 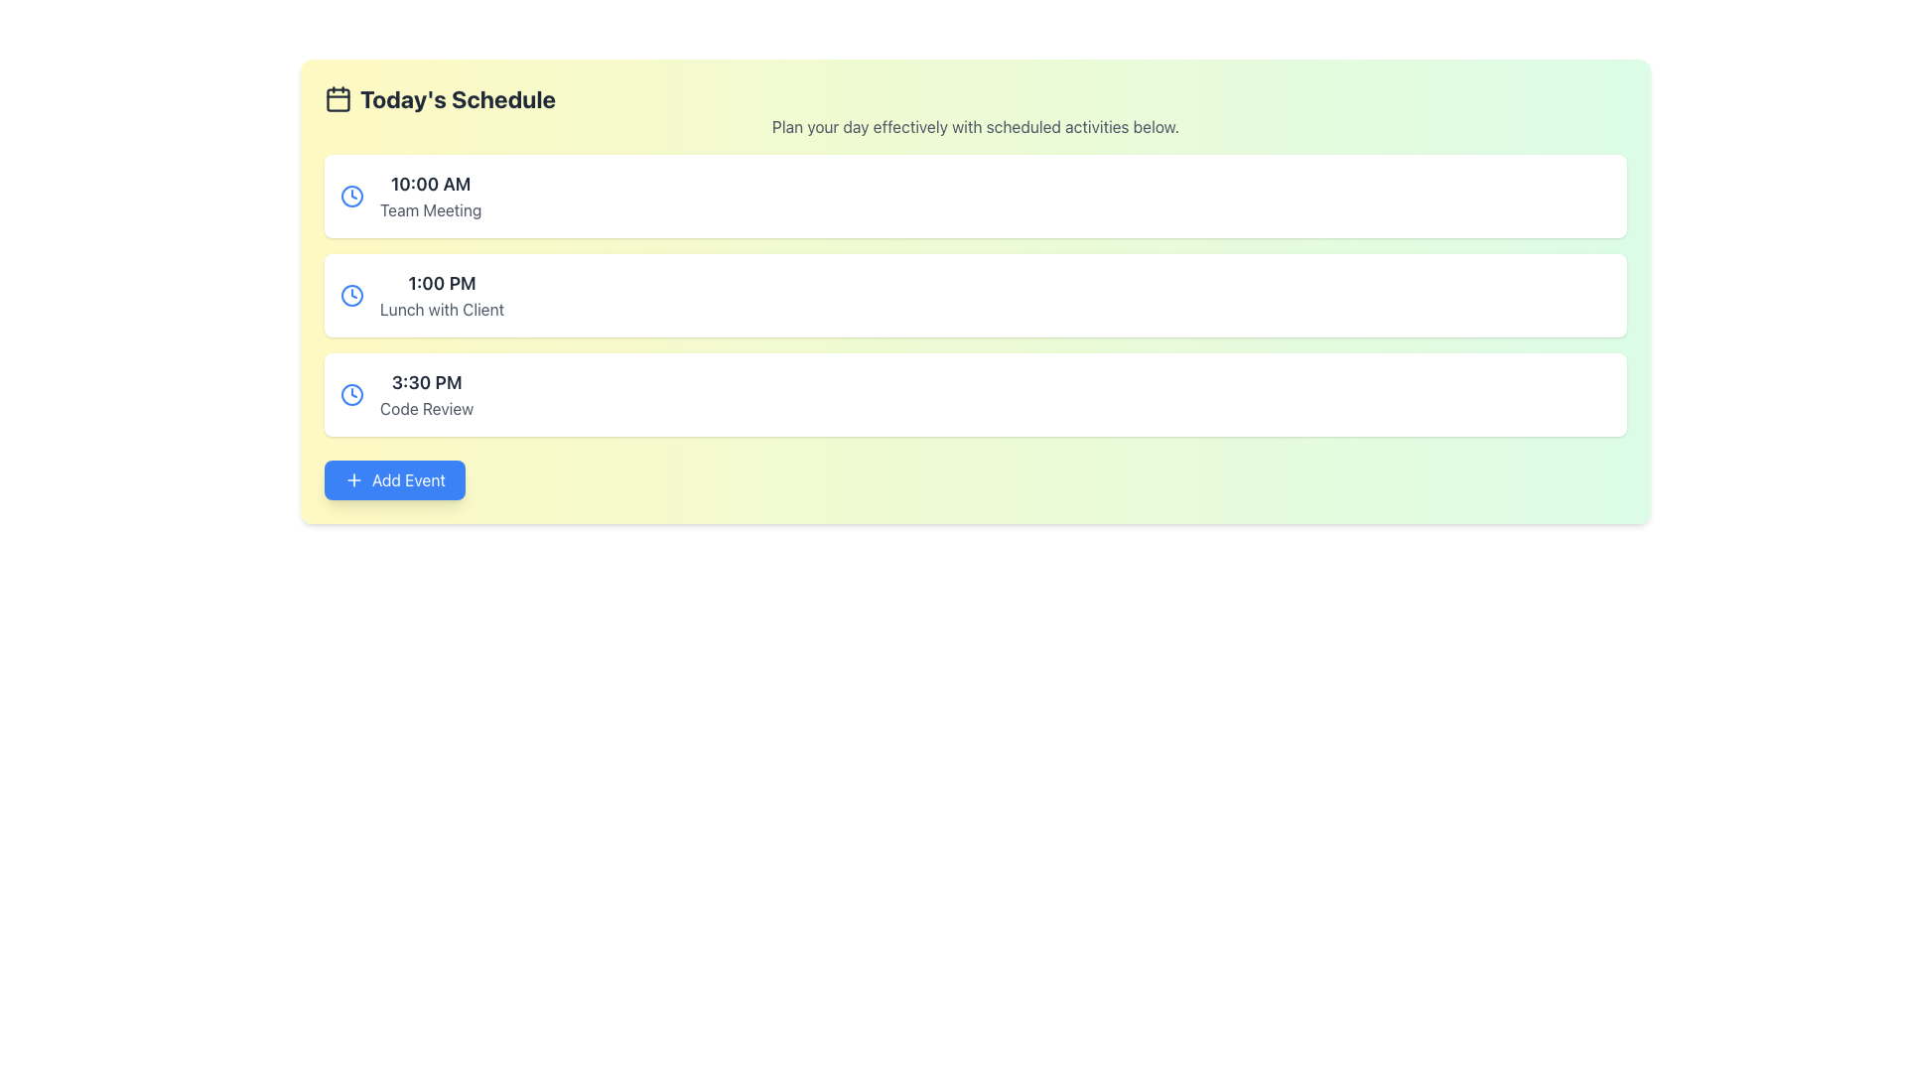 I want to click on the Text Display showing '10:00 AM' and 'Team Meeting' to possibly view details, so click(x=430, y=196).